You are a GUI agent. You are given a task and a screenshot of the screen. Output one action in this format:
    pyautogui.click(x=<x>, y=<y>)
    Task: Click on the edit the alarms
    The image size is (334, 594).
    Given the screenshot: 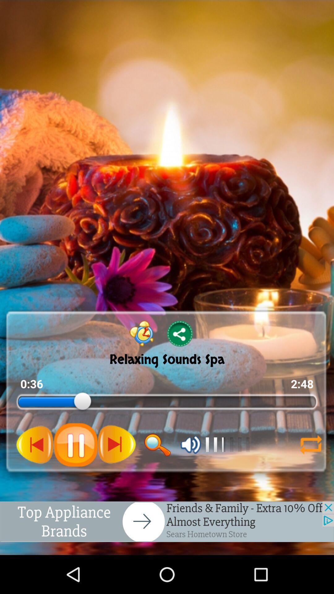 What is the action you would take?
    pyautogui.click(x=142, y=333)
    